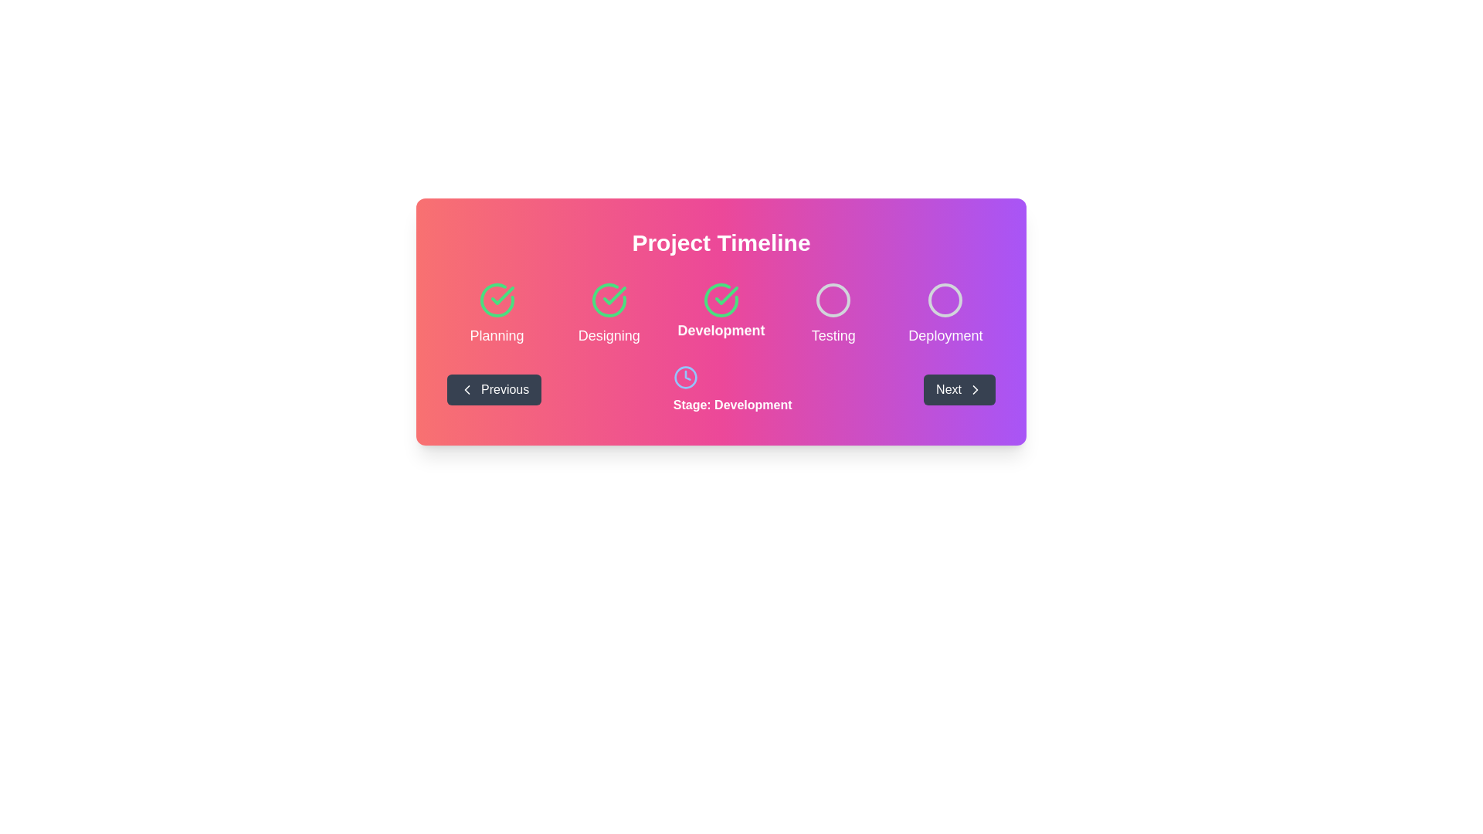 The image size is (1483, 834). Describe the element at coordinates (494, 389) in the screenshot. I see `the 'Previous' button with a dark gray background and white text` at that location.